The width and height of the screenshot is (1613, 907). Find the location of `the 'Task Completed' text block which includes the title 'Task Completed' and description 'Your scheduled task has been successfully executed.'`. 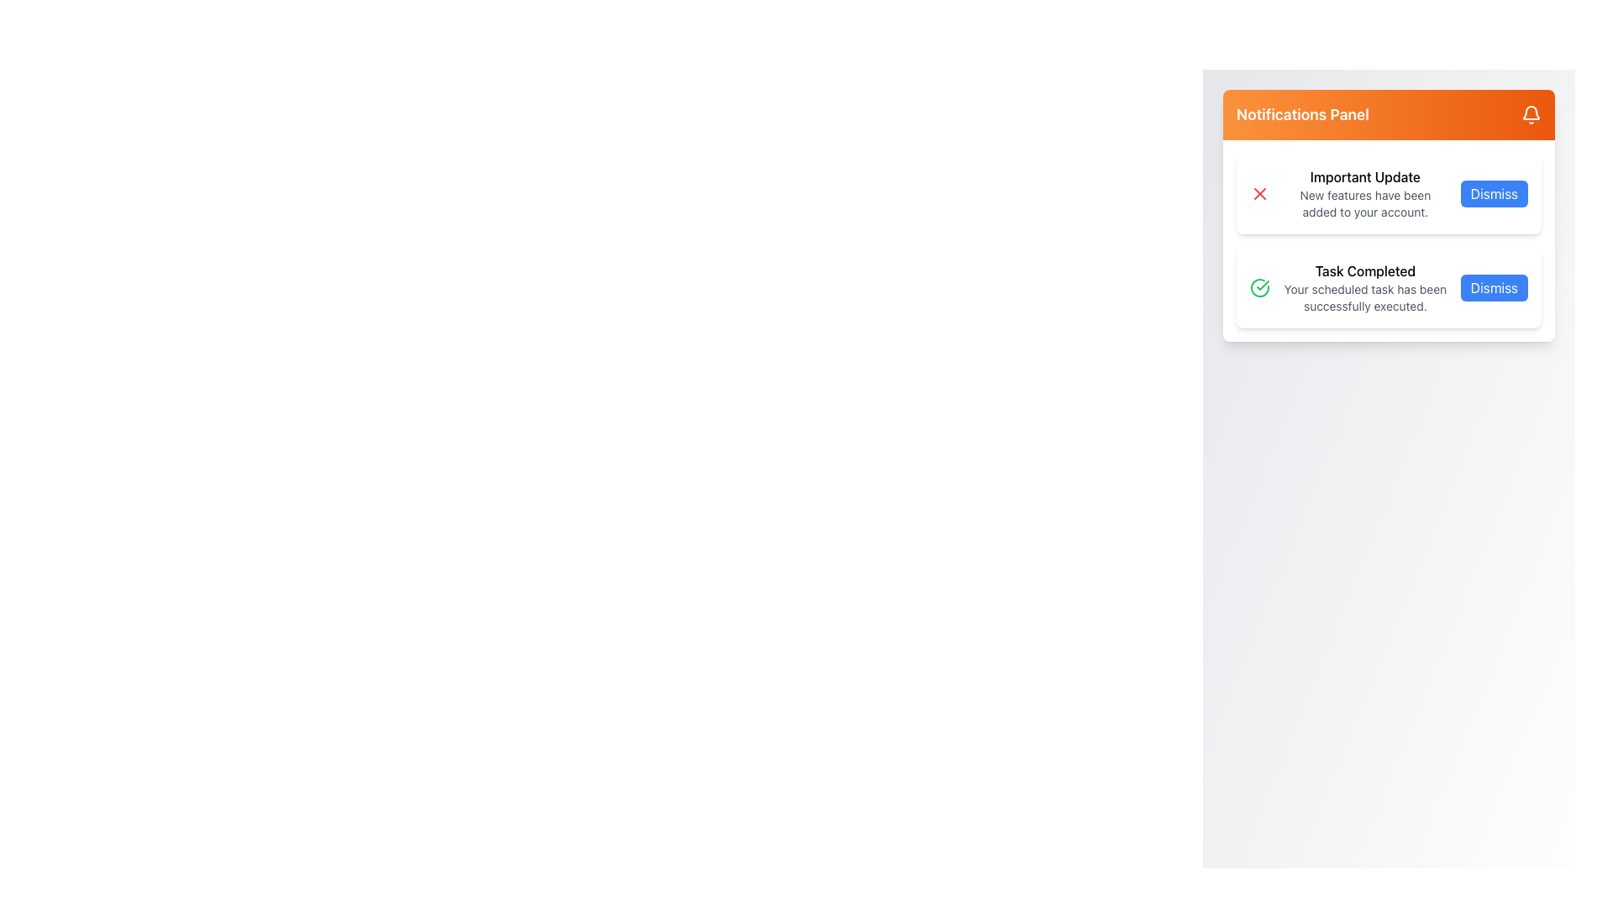

the 'Task Completed' text block which includes the title 'Task Completed' and description 'Your scheduled task has been successfully executed.' is located at coordinates (1365, 287).